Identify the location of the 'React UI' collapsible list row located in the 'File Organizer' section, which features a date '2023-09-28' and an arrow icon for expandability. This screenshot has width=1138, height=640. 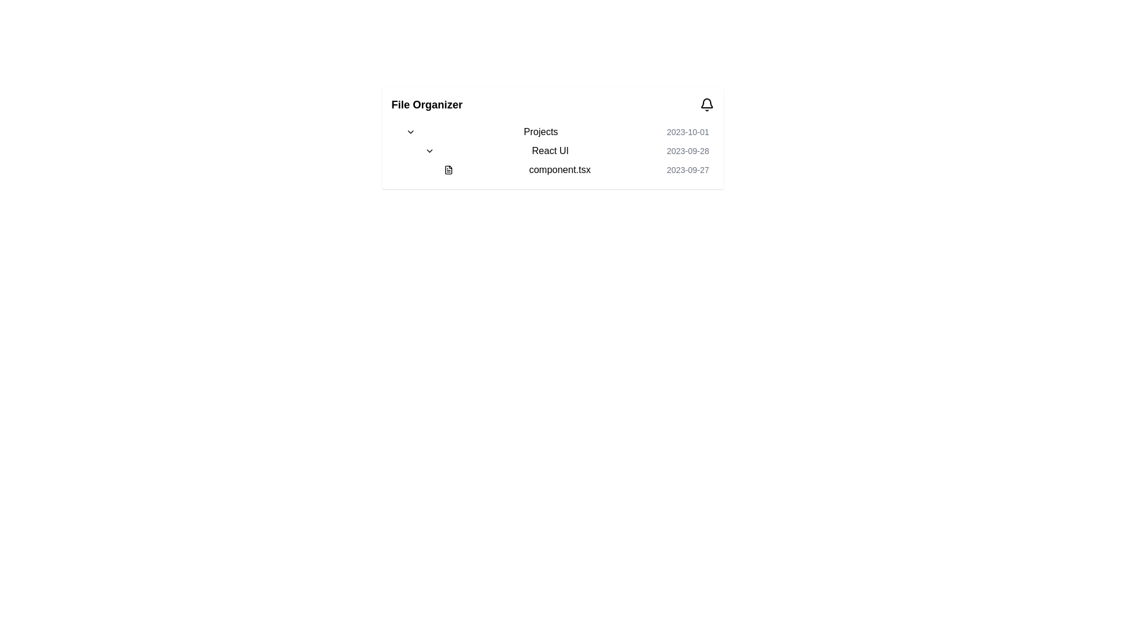
(557, 150).